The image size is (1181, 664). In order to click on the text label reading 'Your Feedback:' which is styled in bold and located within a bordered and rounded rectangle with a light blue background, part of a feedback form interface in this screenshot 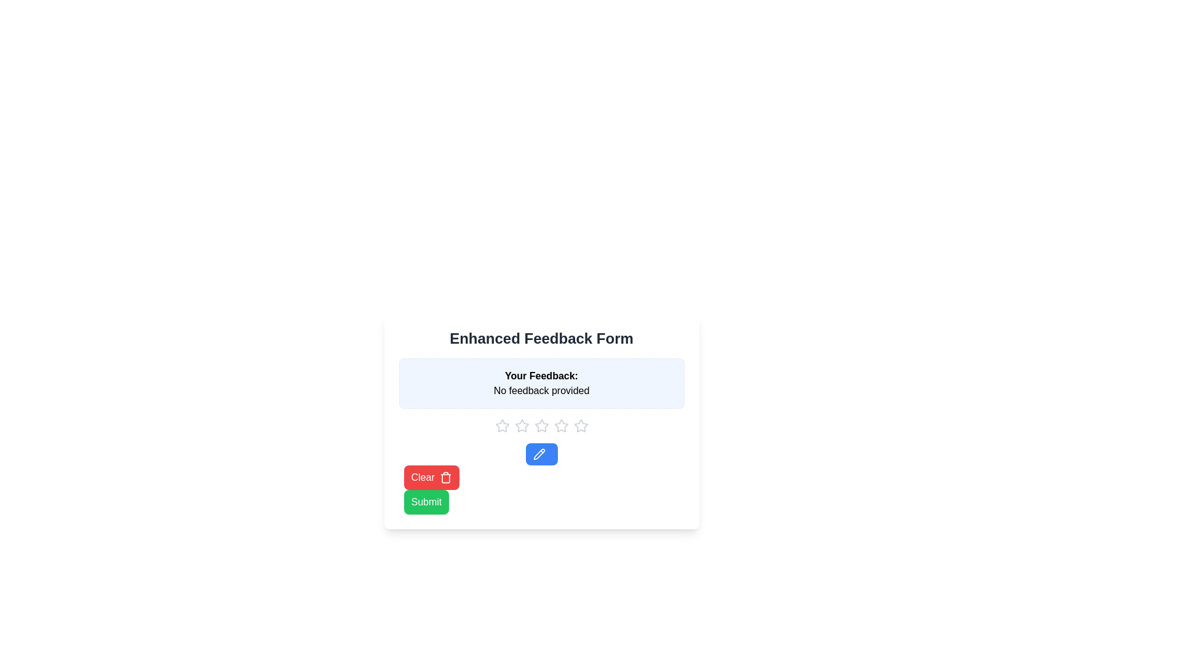, I will do `click(541, 376)`.